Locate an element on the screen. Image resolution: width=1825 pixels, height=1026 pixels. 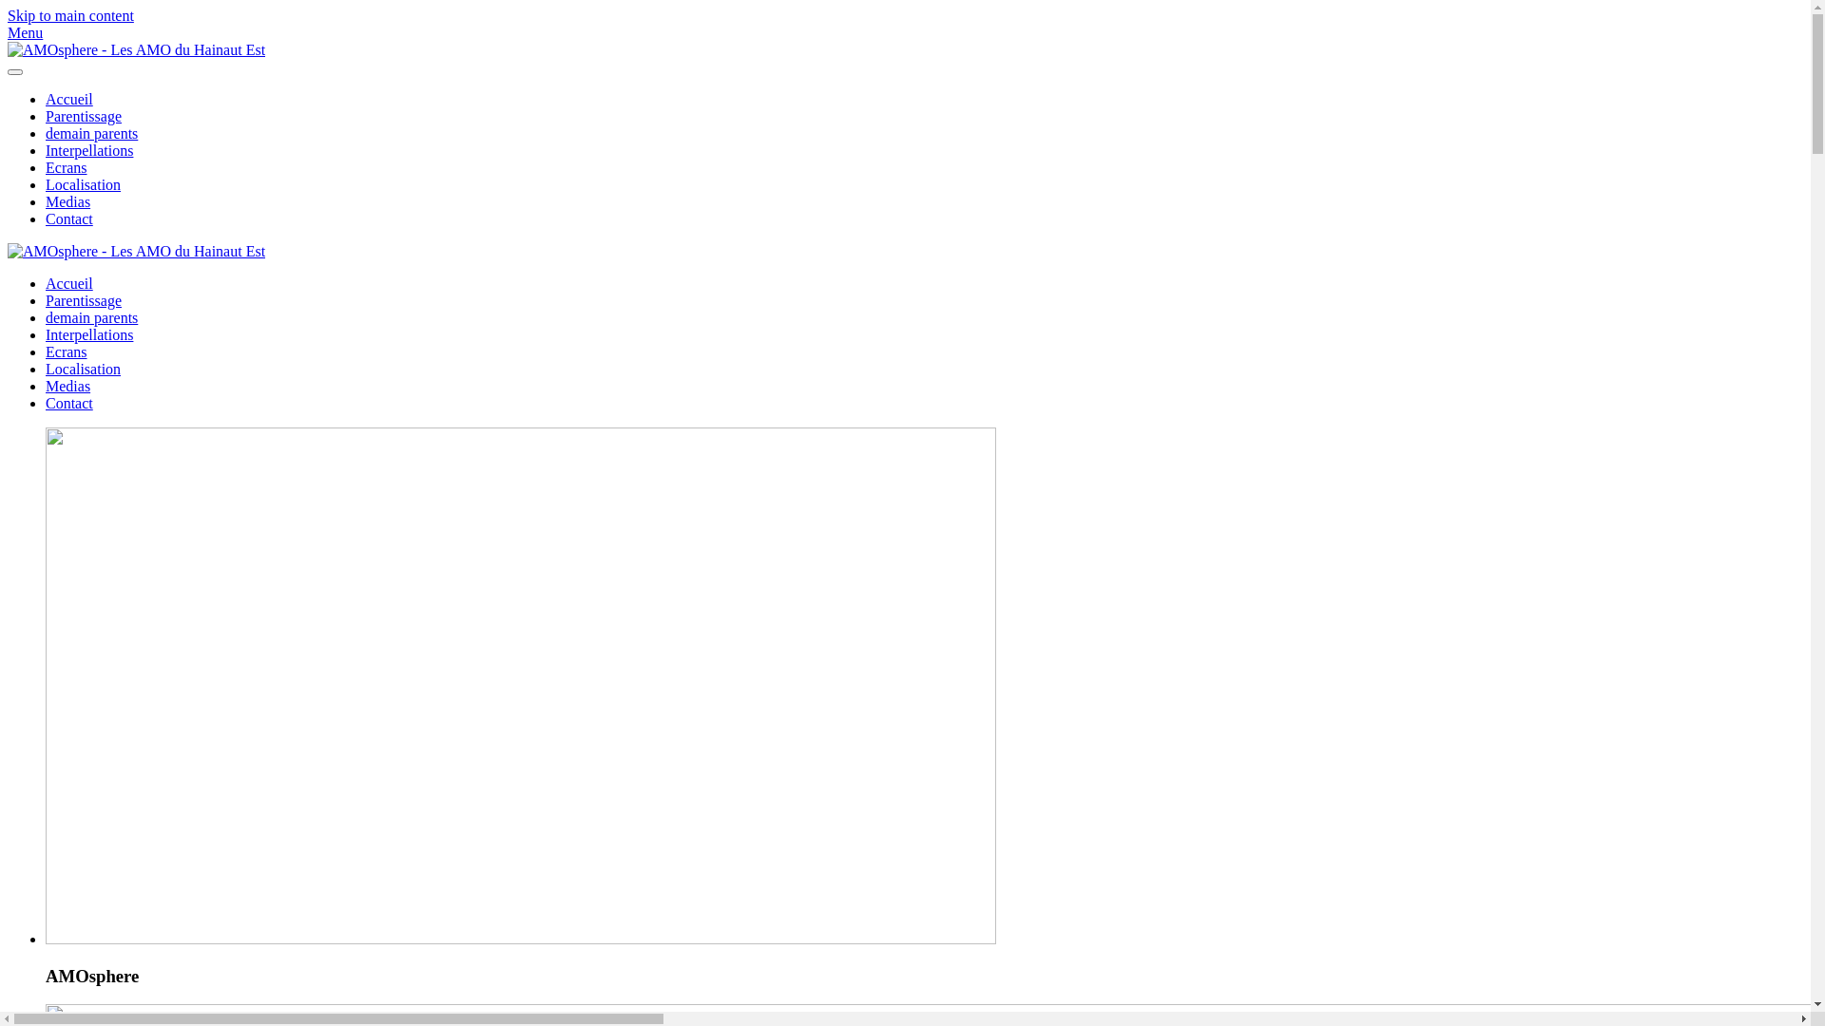
'Contact' is located at coordinates (68, 218).